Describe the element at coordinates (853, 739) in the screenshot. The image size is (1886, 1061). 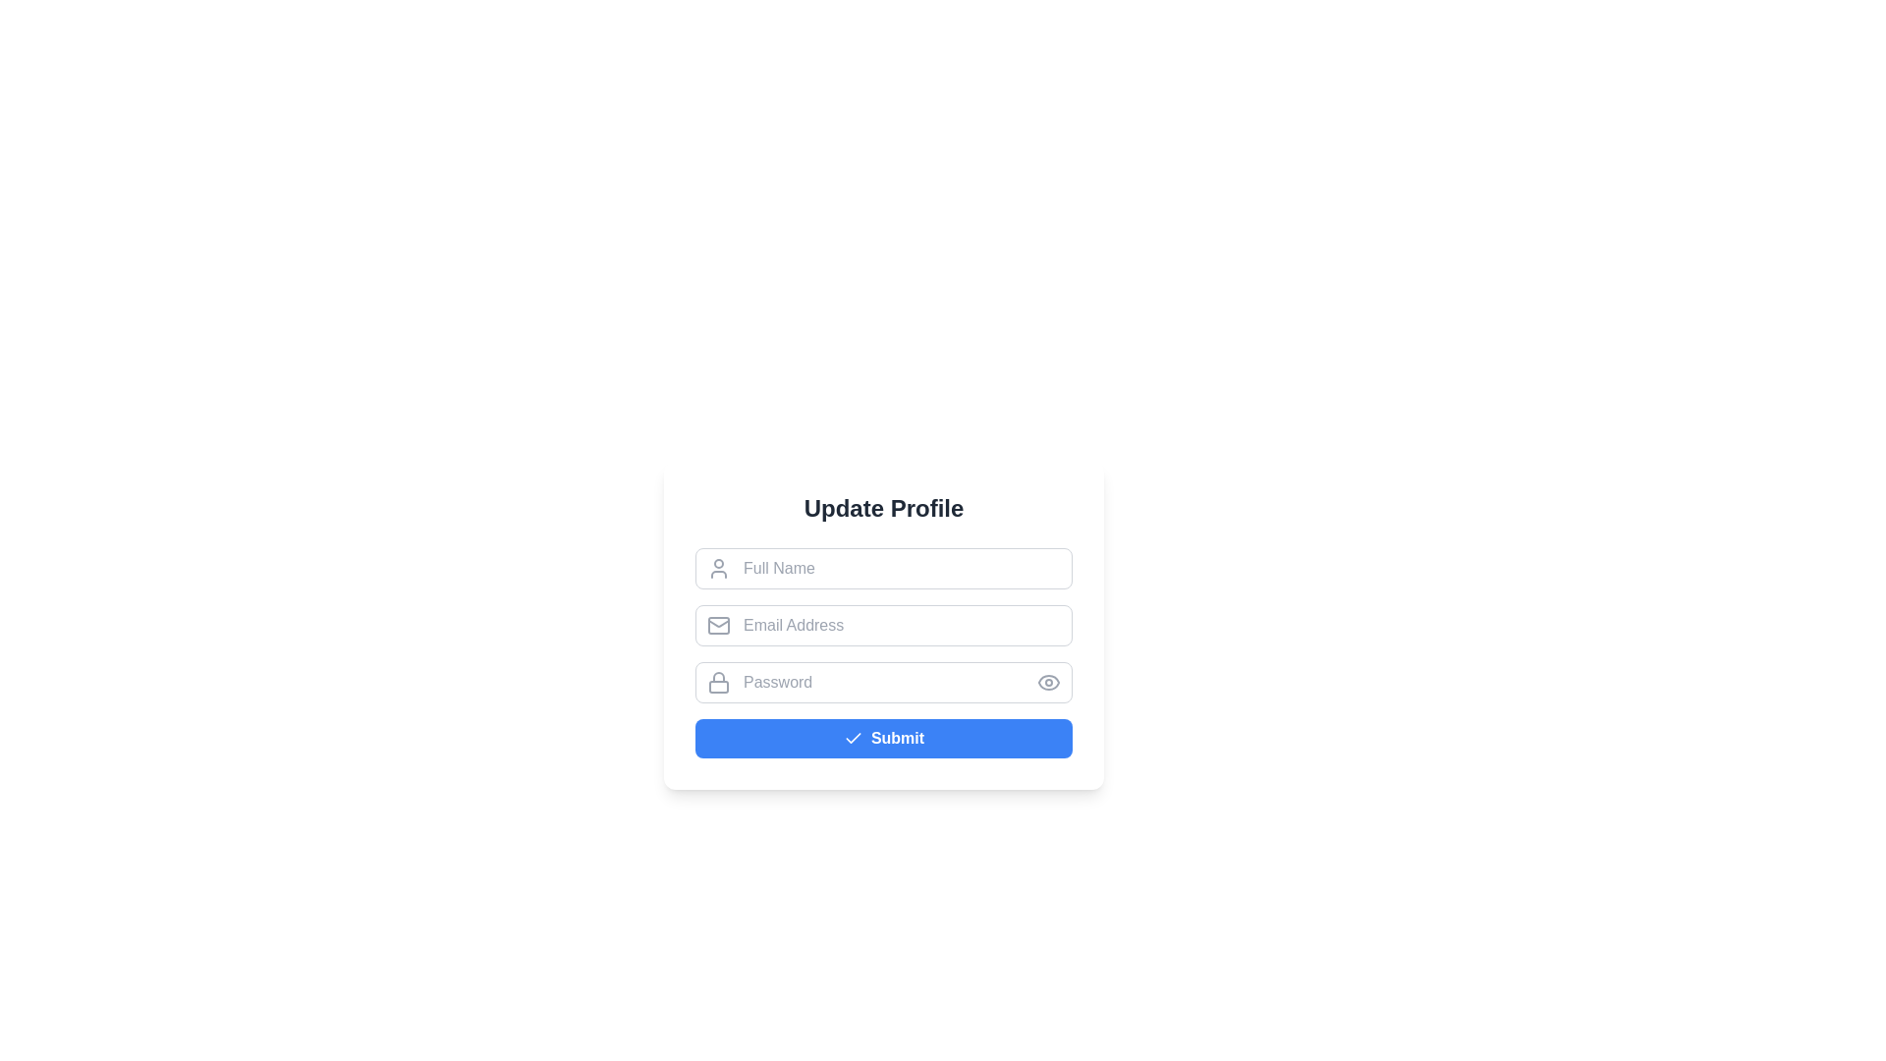
I see `the checkmark icon inside the 'Submit' button, which is located towards the center-right of the button's content area in a blue rectangular area` at that location.